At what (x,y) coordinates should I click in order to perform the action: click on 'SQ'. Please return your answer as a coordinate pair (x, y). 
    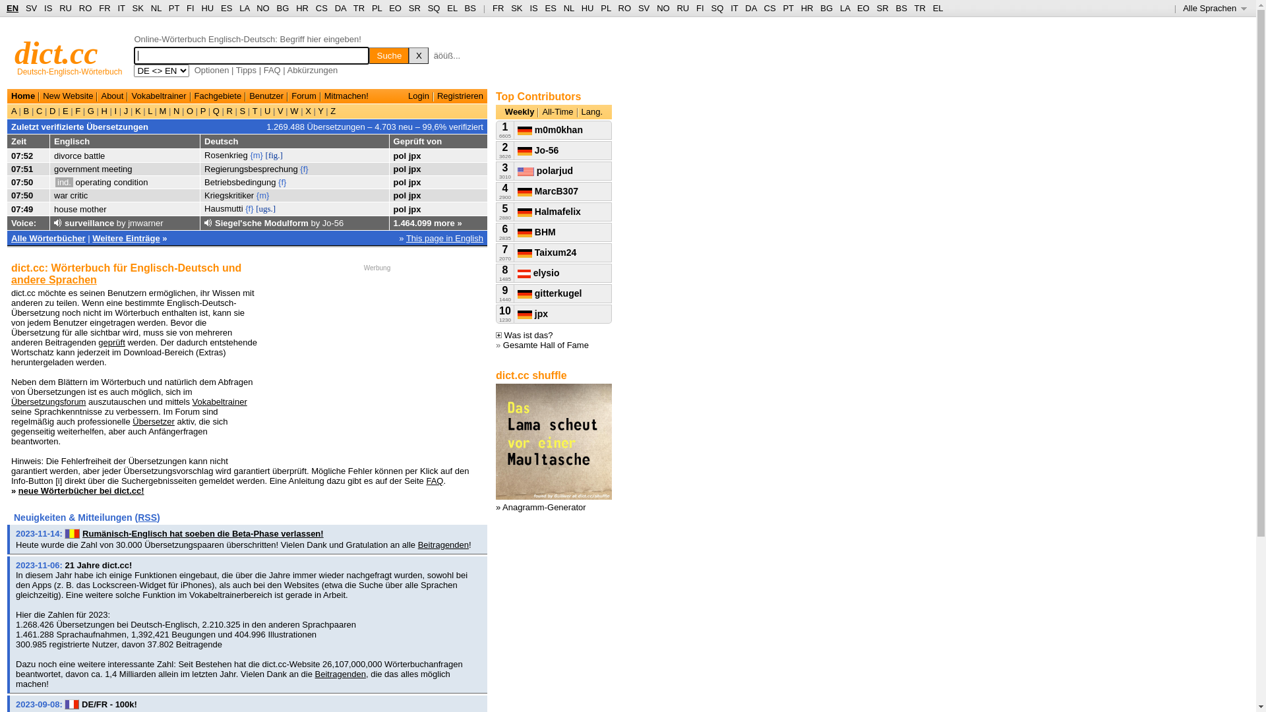
    Looking at the image, I should click on (434, 8).